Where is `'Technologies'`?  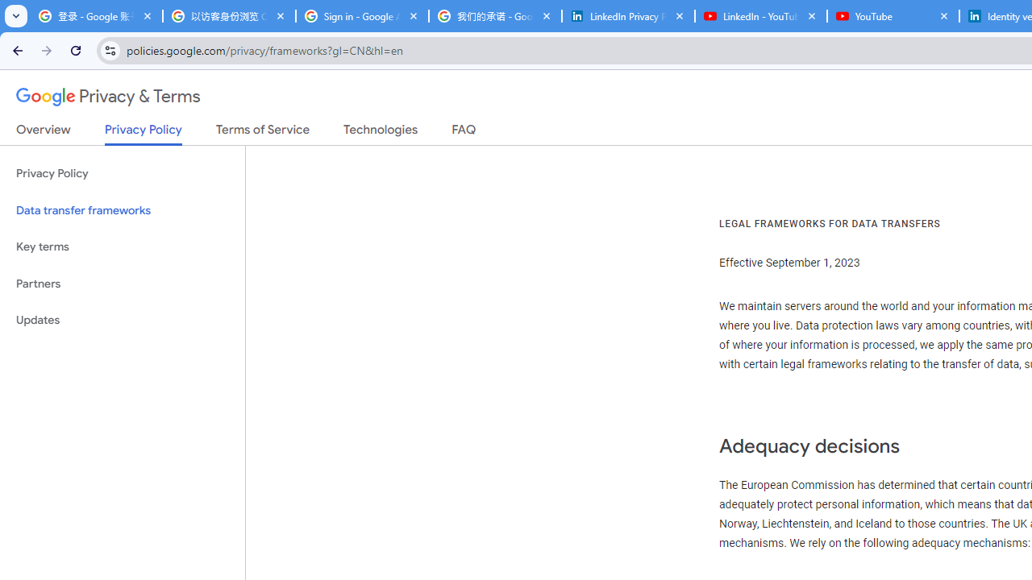
'Technologies' is located at coordinates (380, 132).